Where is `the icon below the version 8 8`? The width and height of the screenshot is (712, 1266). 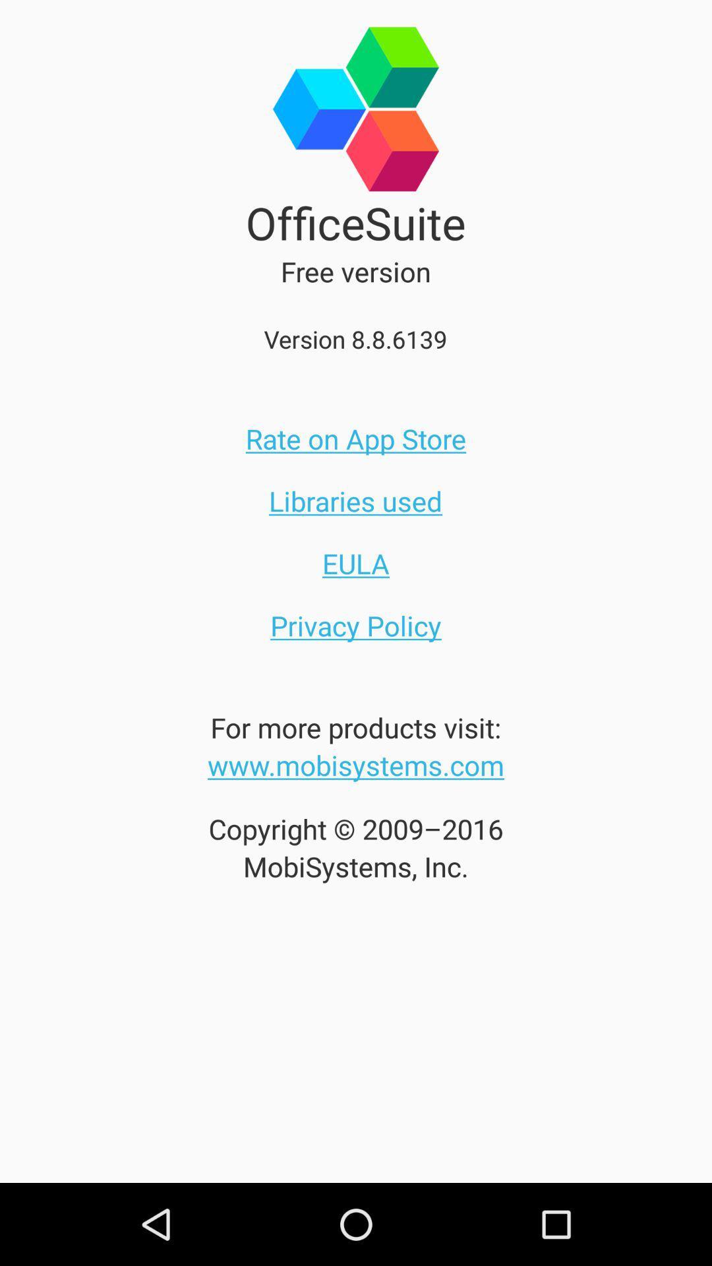
the icon below the version 8 8 is located at coordinates (356, 438).